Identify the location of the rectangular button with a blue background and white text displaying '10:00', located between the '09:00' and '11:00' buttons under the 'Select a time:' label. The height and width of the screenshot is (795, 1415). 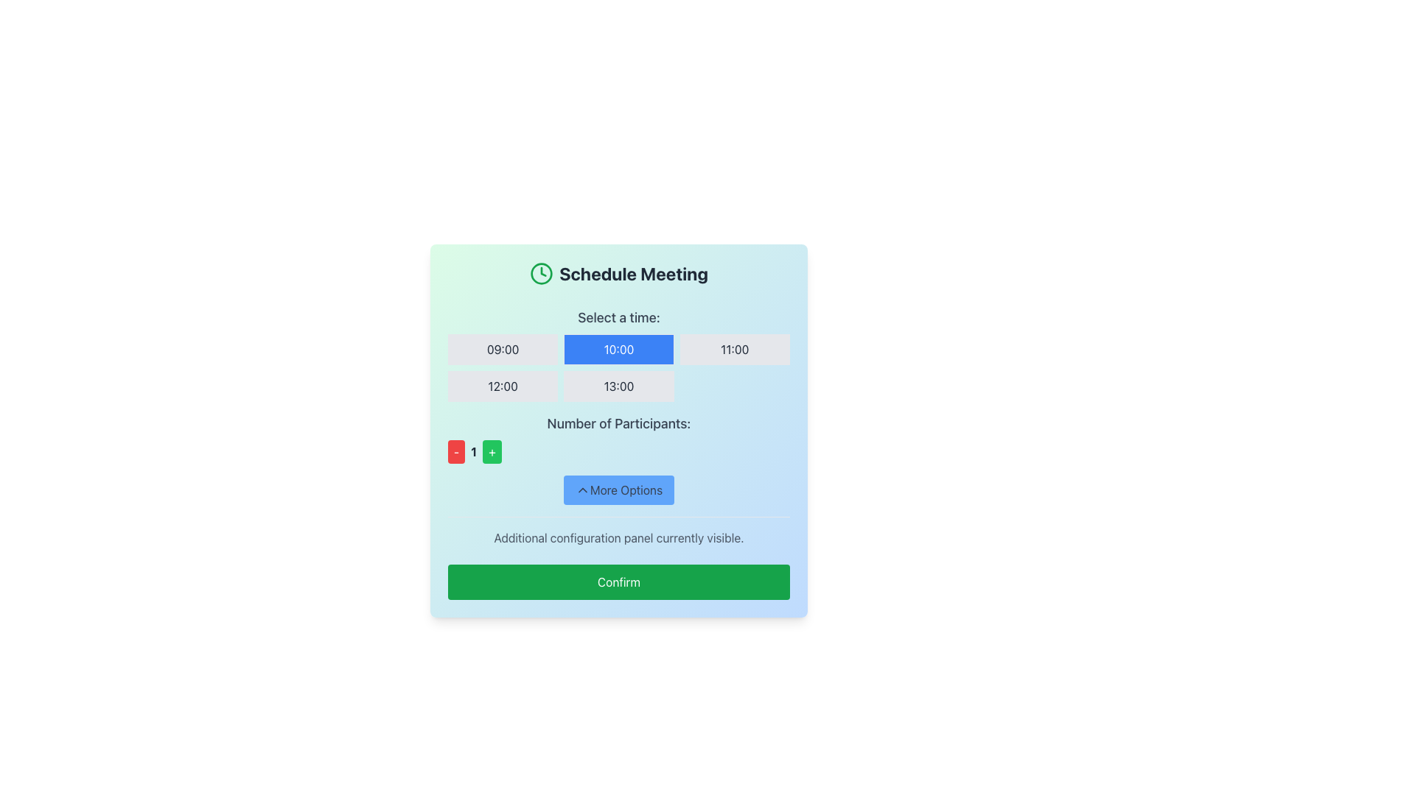
(619, 349).